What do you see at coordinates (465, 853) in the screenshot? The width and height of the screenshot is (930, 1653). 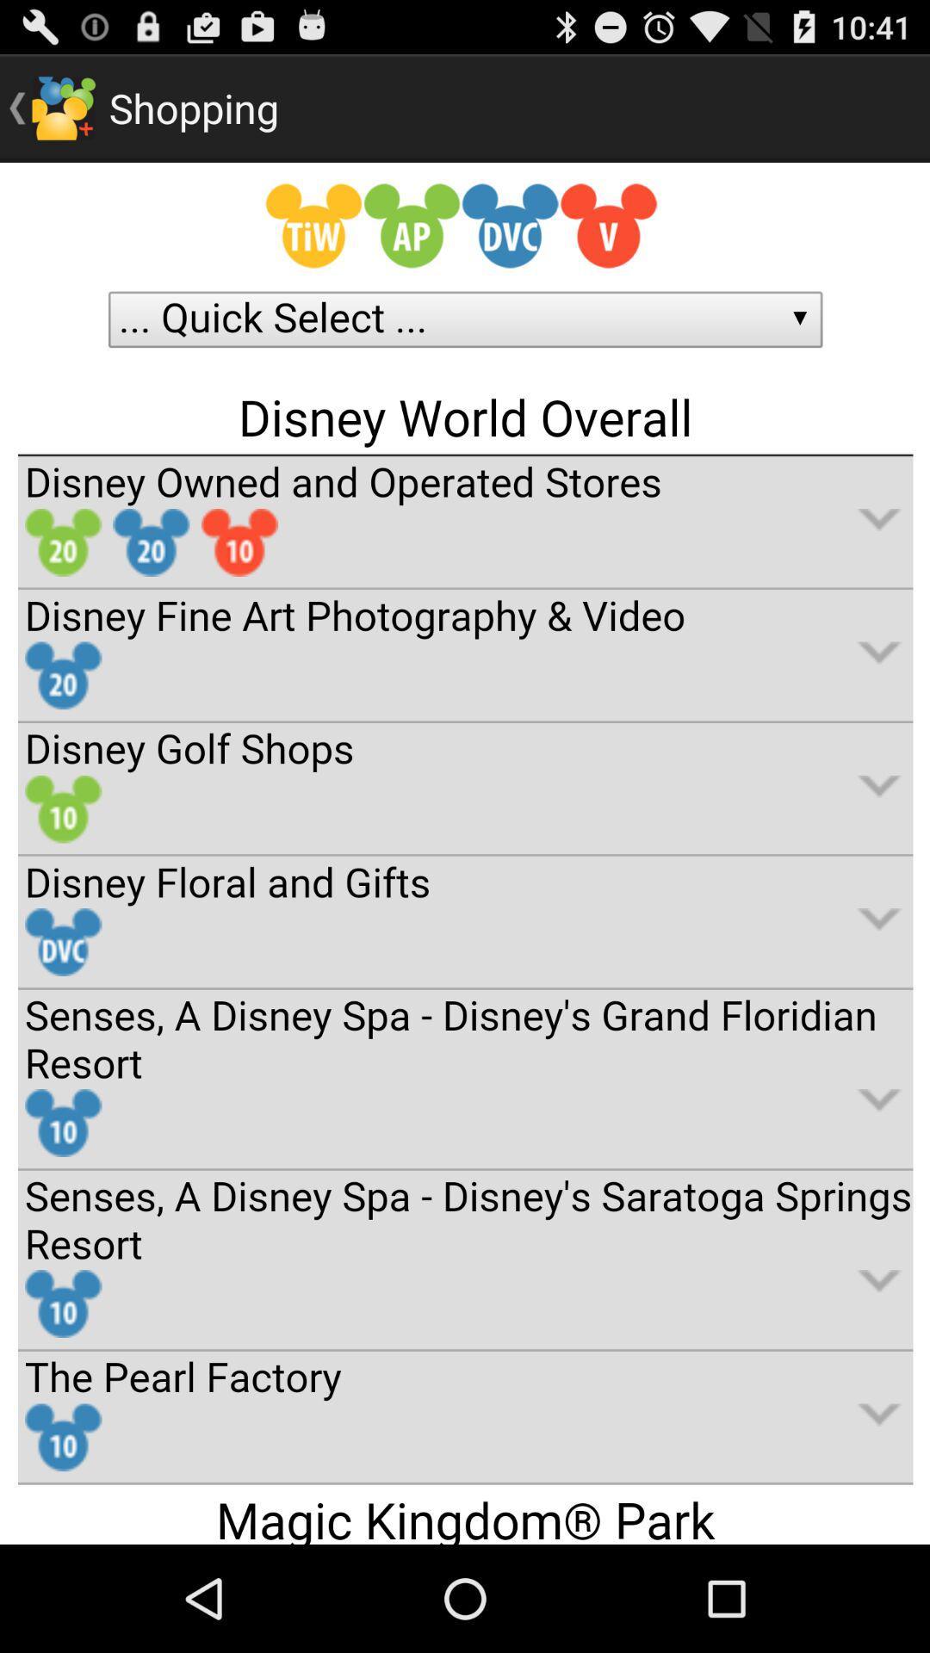 I see `any one` at bounding box center [465, 853].